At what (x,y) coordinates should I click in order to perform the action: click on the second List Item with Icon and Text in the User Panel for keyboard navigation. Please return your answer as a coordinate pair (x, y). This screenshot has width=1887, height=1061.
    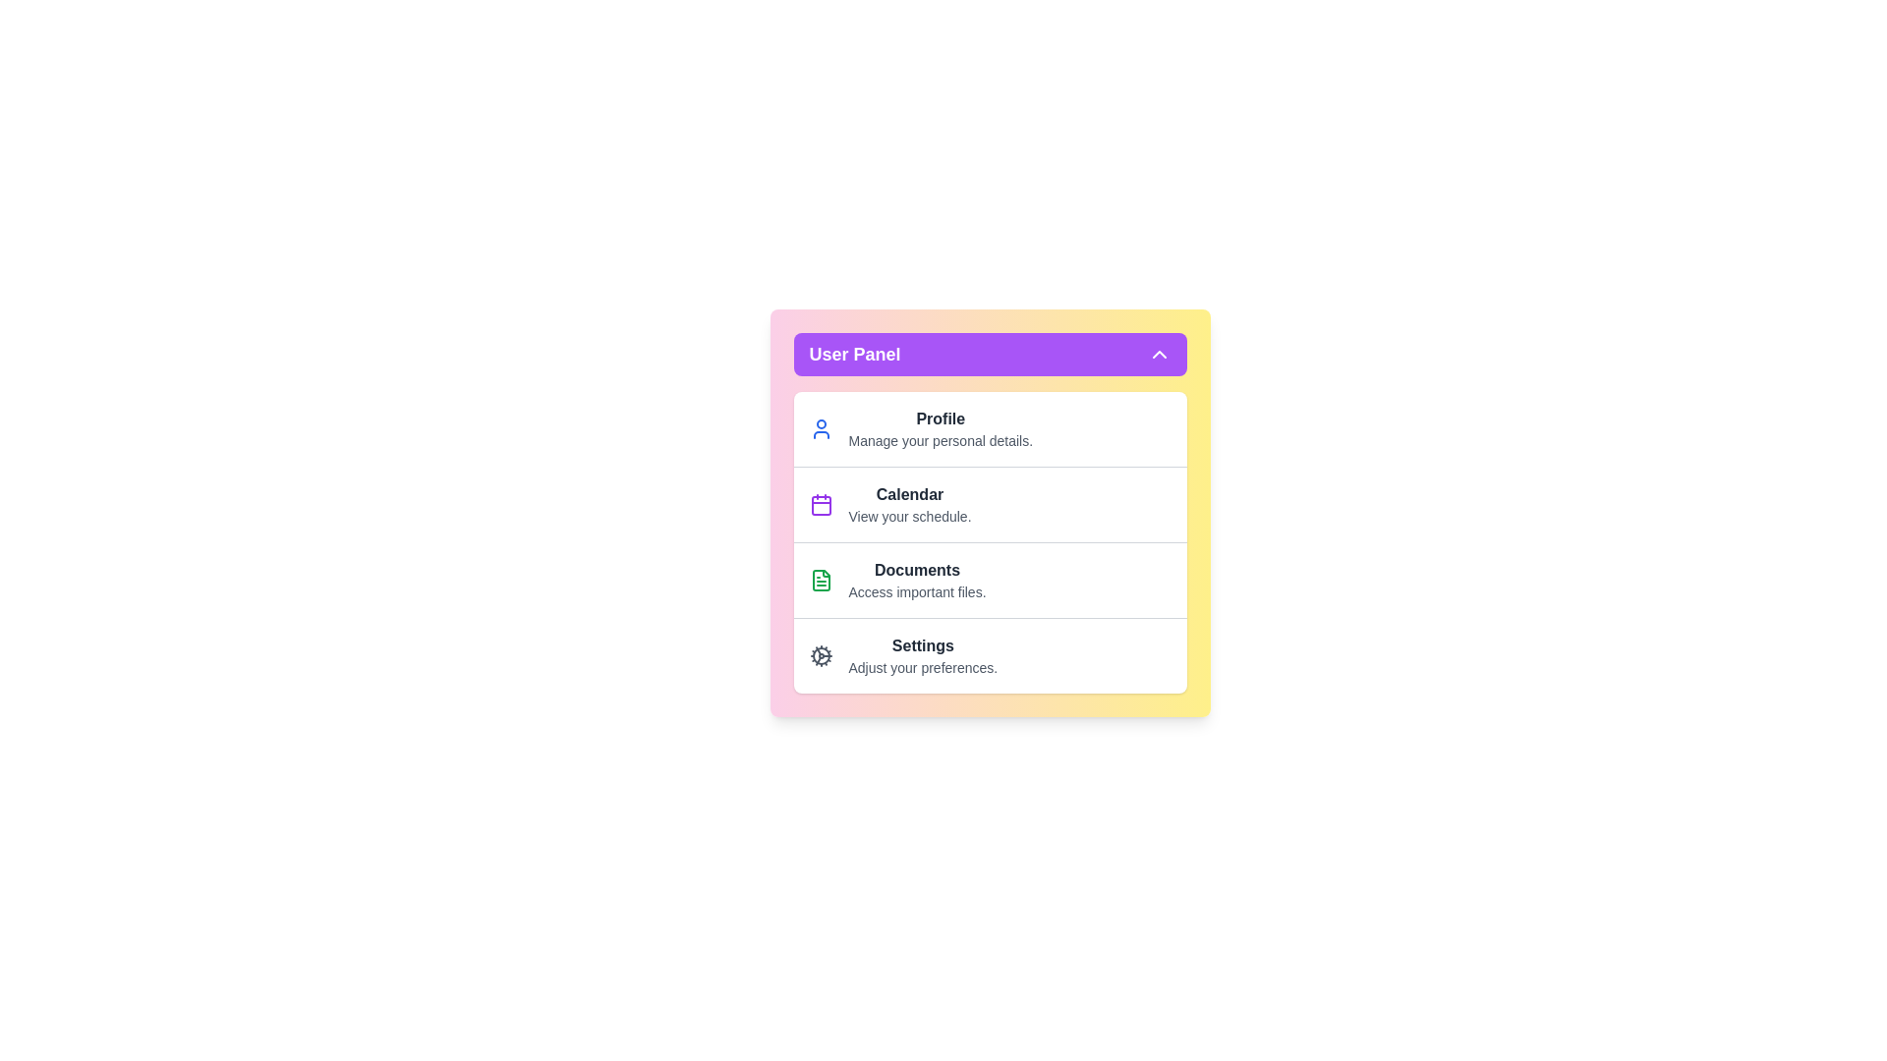
    Looking at the image, I should click on (990, 503).